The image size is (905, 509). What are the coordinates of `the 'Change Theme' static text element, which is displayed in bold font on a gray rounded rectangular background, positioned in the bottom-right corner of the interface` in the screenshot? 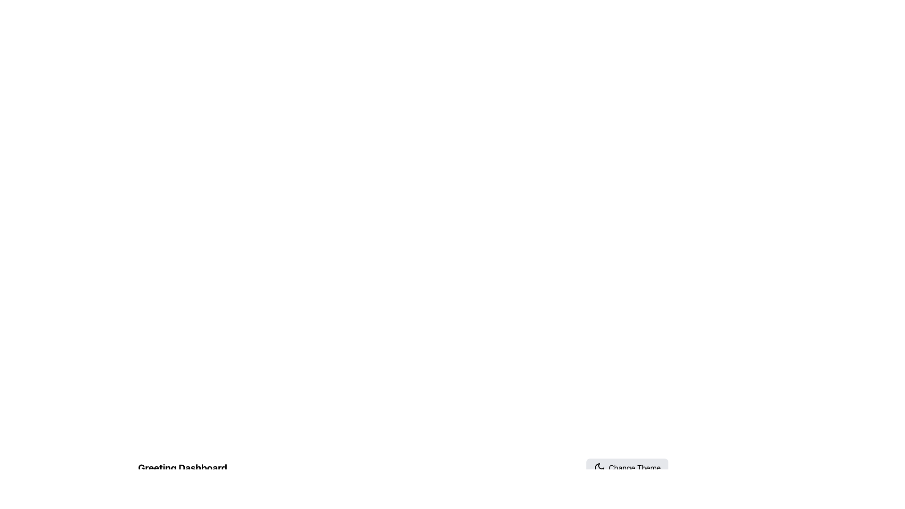 It's located at (634, 468).